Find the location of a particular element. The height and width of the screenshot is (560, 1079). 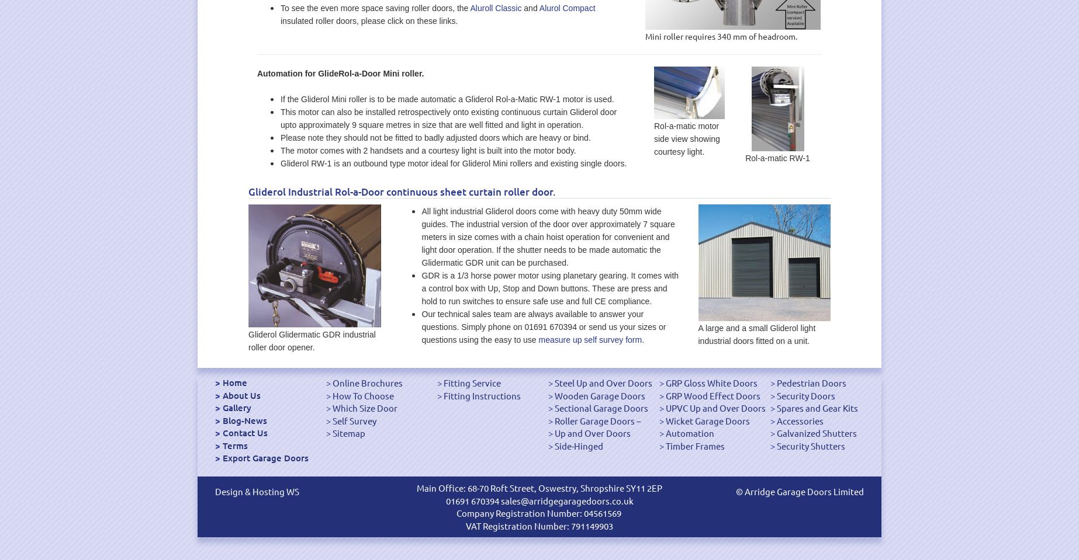

'Accessories' is located at coordinates (800, 419).